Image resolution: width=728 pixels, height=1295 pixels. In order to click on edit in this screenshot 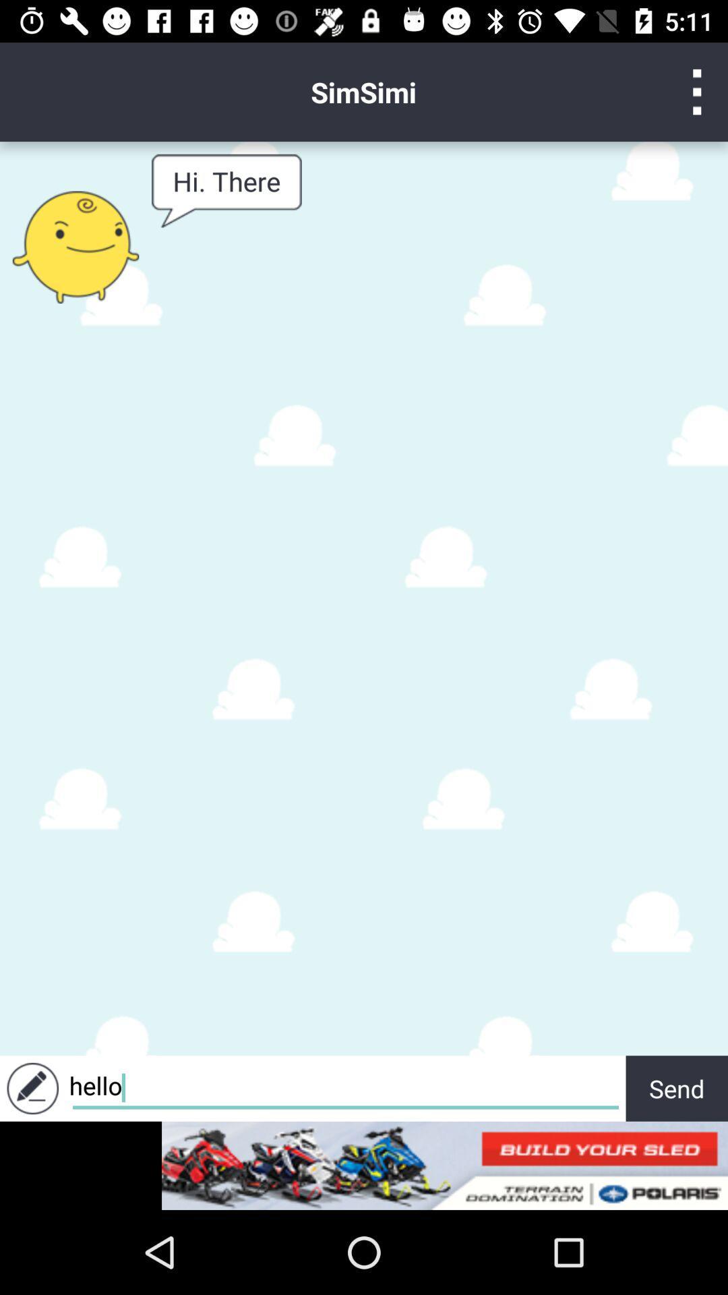, I will do `click(32, 1088)`.